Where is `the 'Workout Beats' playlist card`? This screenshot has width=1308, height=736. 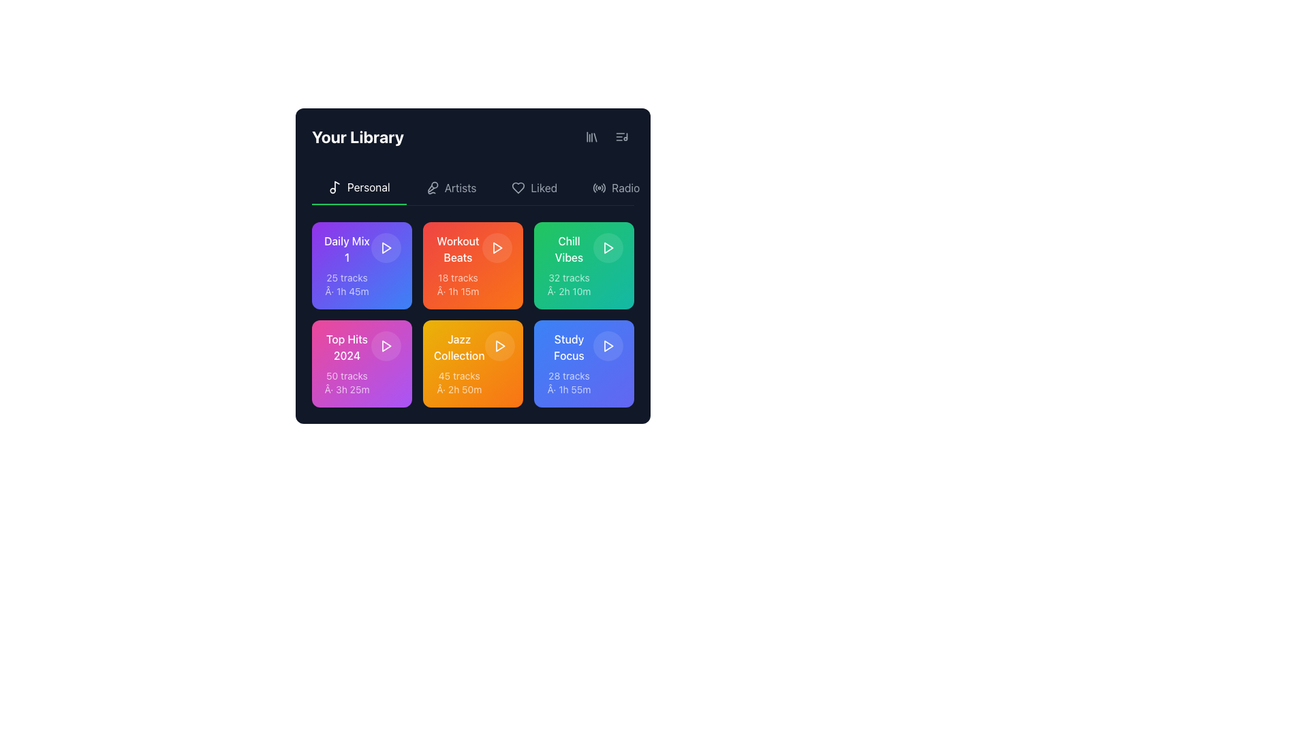 the 'Workout Beats' playlist card is located at coordinates (473, 265).